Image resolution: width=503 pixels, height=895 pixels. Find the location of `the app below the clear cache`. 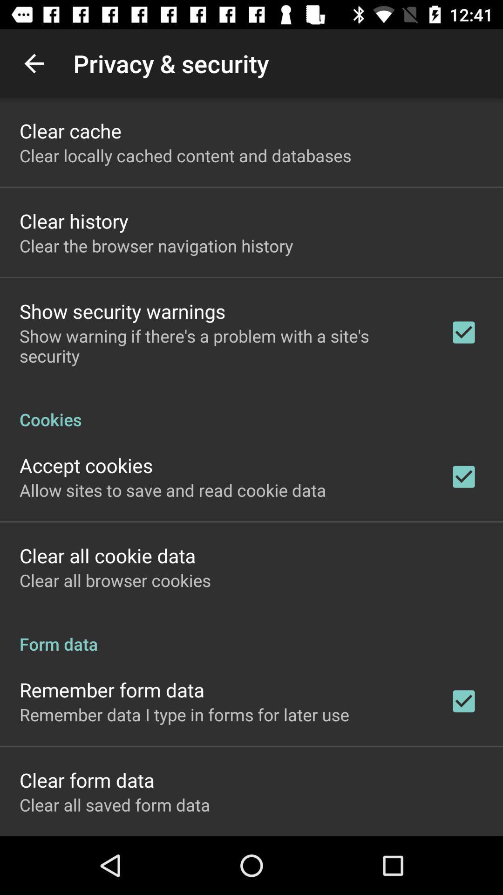

the app below the clear cache is located at coordinates (185, 155).